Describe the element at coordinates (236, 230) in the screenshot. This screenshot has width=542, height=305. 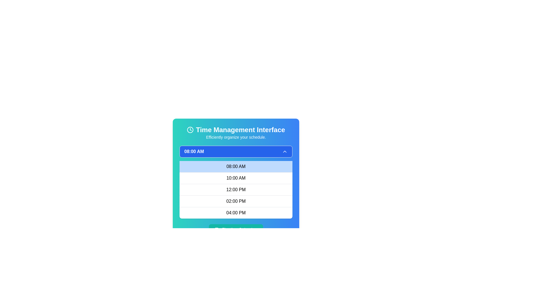
I see `the finalize selections button located at the bottom center of the 'Time Management Interface'` at that location.